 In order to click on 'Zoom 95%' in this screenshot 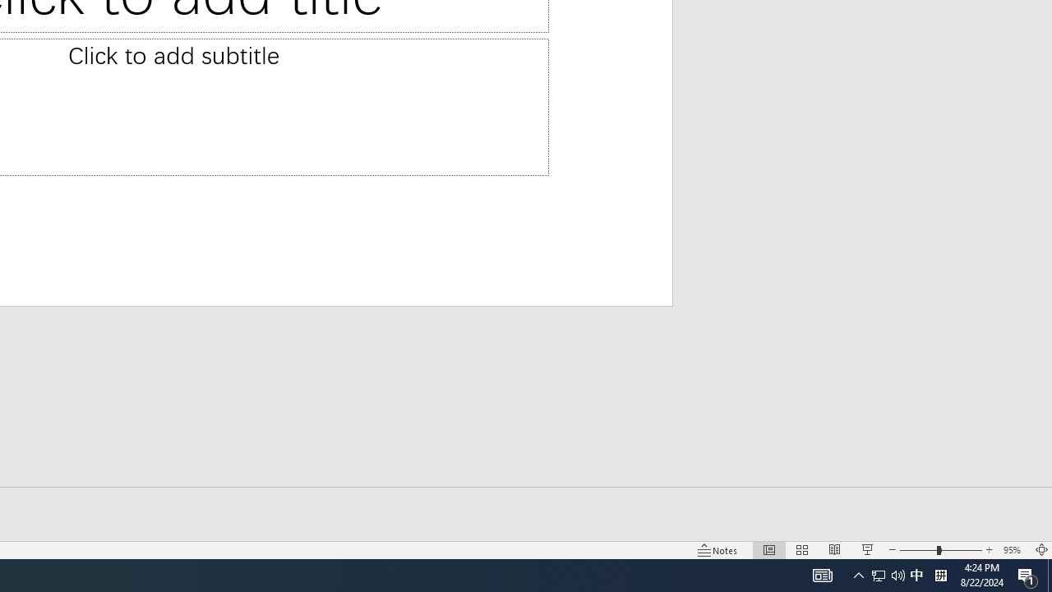, I will do `click(1013, 550)`.